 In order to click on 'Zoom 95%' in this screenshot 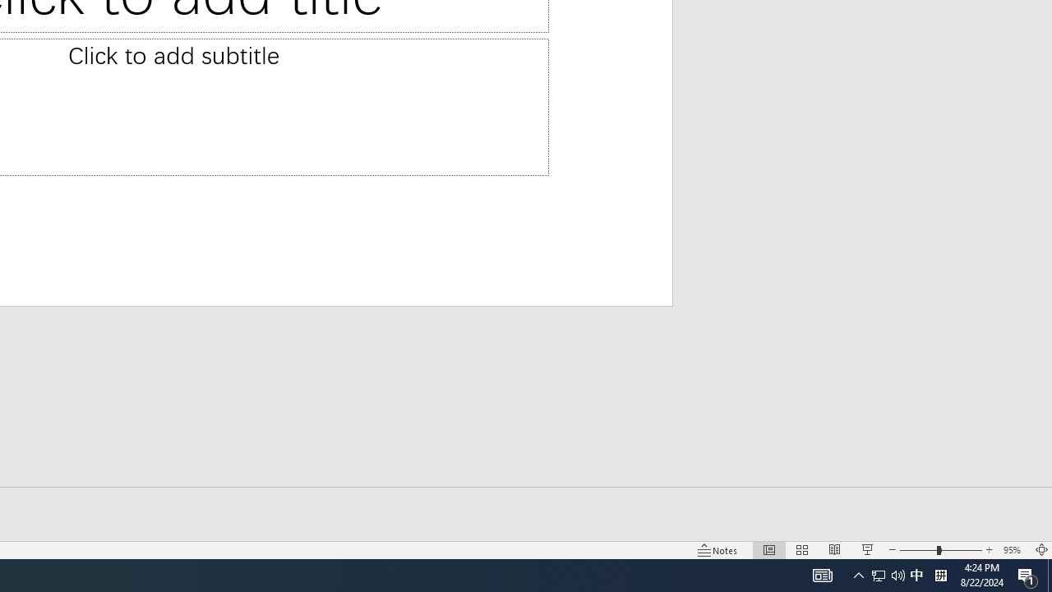, I will do `click(1013, 550)`.